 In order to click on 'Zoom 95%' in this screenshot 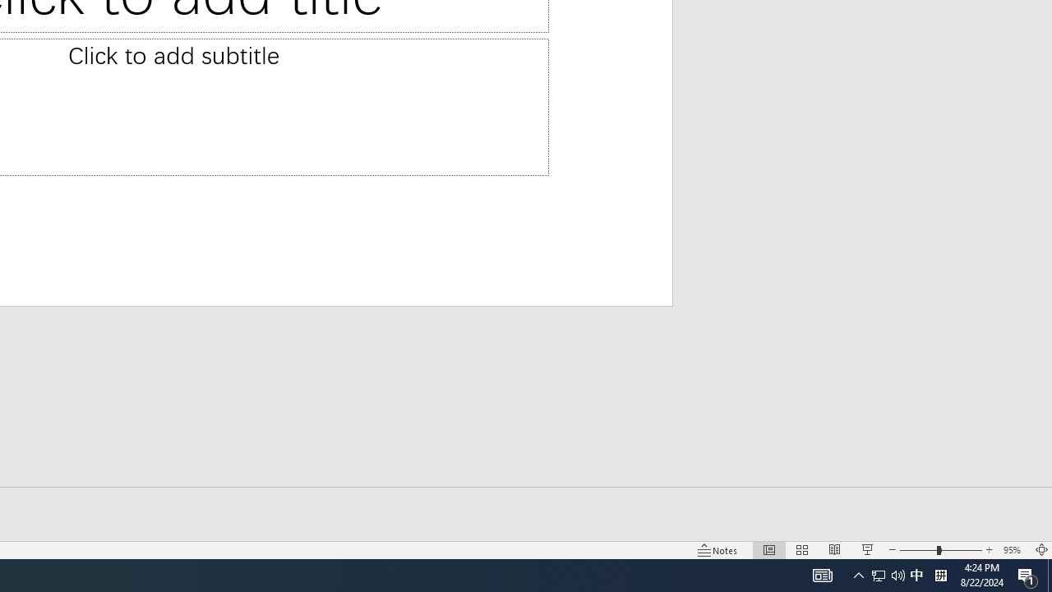, I will do `click(1013, 550)`.